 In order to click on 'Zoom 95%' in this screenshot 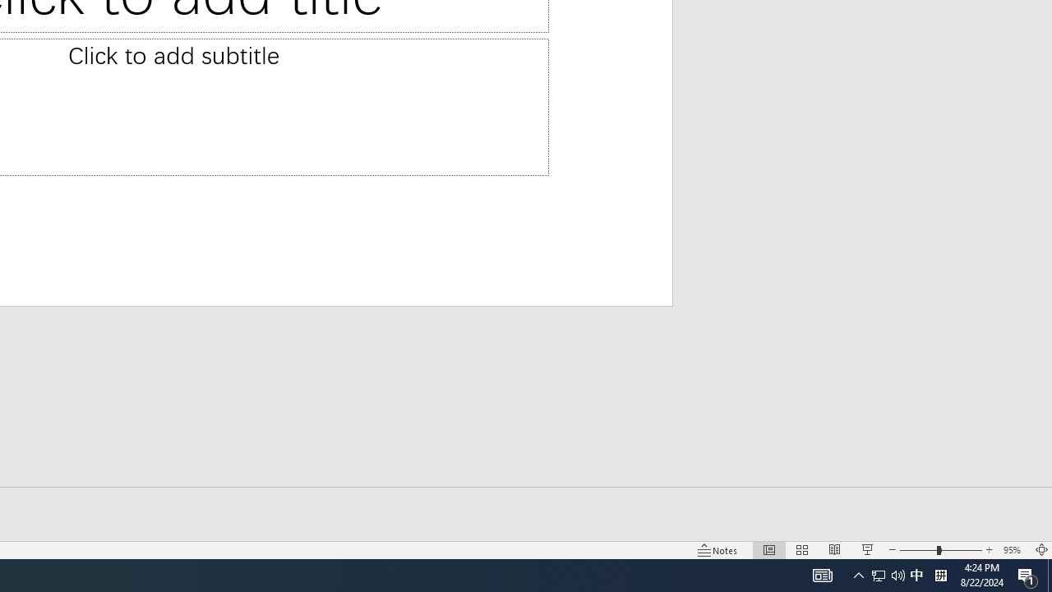, I will do `click(1013, 550)`.